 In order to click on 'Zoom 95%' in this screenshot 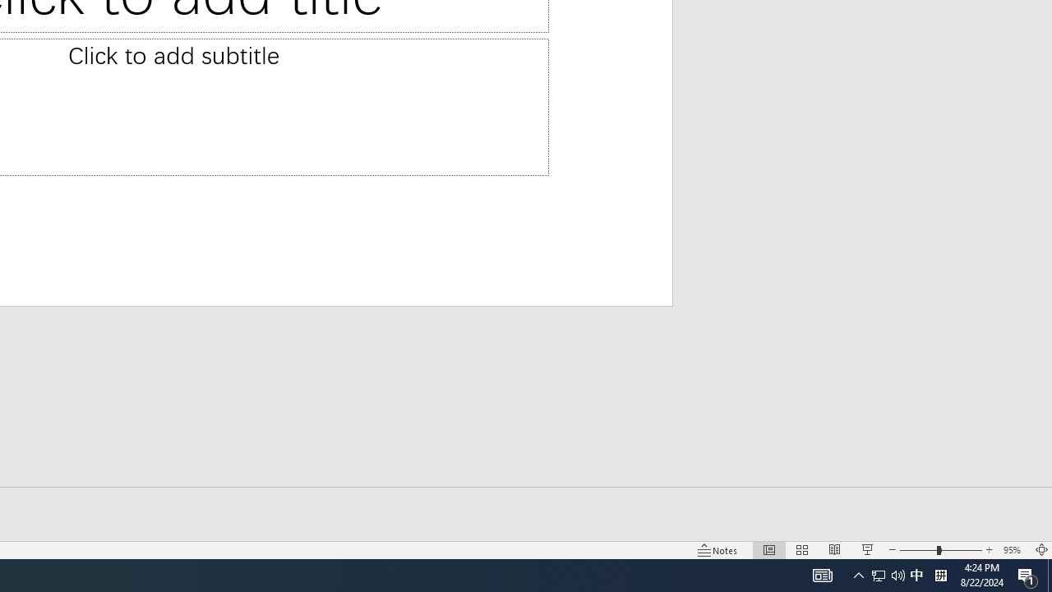, I will do `click(1013, 550)`.